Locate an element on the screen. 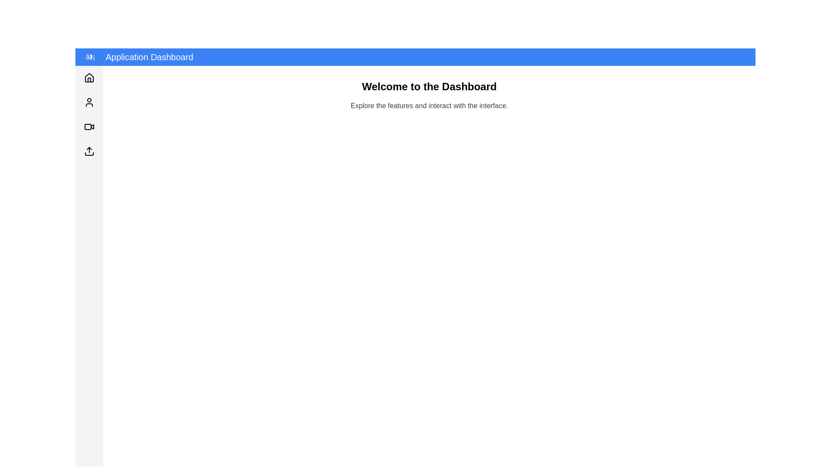 Image resolution: width=837 pixels, height=471 pixels. the house-shaped IconButton located at the top of the vertical sidebar is located at coordinates (89, 77).